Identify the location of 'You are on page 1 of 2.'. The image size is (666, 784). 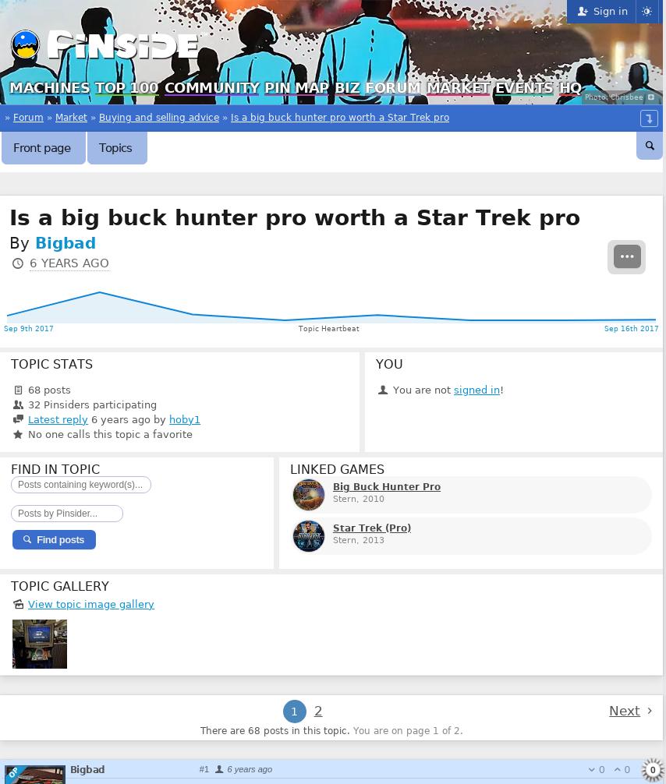
(407, 729).